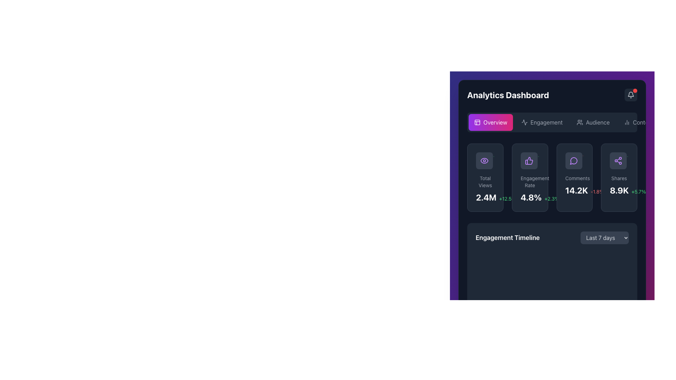 The width and height of the screenshot is (676, 380). What do you see at coordinates (524, 122) in the screenshot?
I see `the SVG icon representing the waveform in the 'Engagement' section of the Analytics Dashboard` at bounding box center [524, 122].